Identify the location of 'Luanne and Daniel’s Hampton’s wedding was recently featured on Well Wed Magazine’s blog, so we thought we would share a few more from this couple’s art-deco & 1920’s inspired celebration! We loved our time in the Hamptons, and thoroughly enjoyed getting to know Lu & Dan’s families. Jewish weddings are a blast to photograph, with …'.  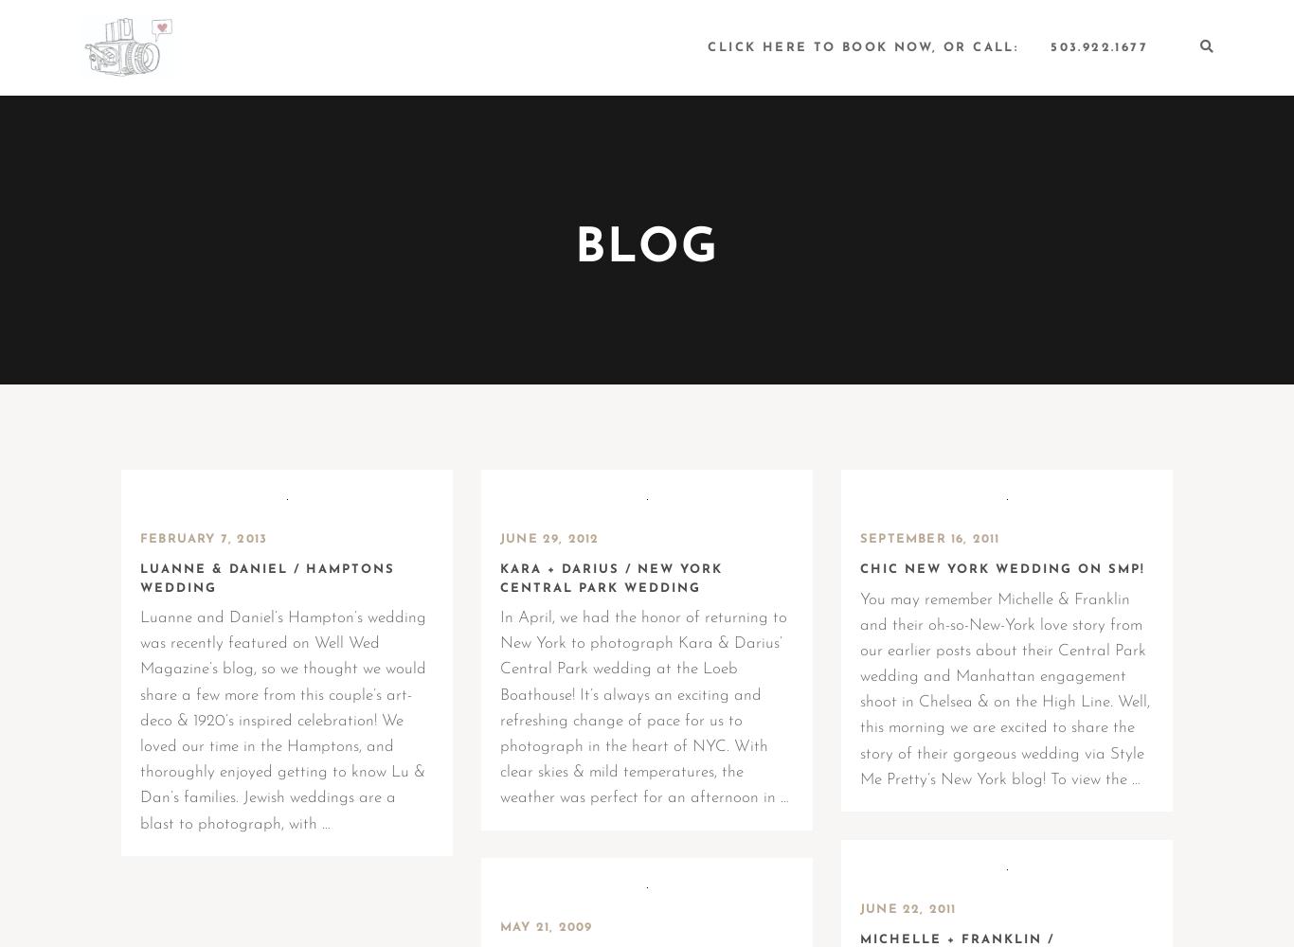
(283, 721).